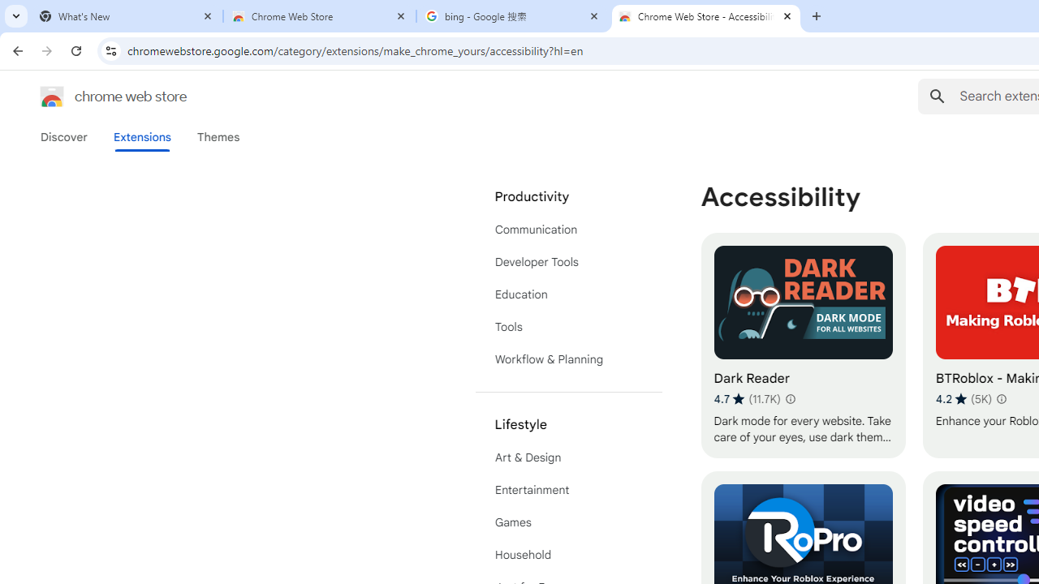 This screenshot has width=1039, height=584. Describe the element at coordinates (218, 136) in the screenshot. I see `'Themes'` at that location.